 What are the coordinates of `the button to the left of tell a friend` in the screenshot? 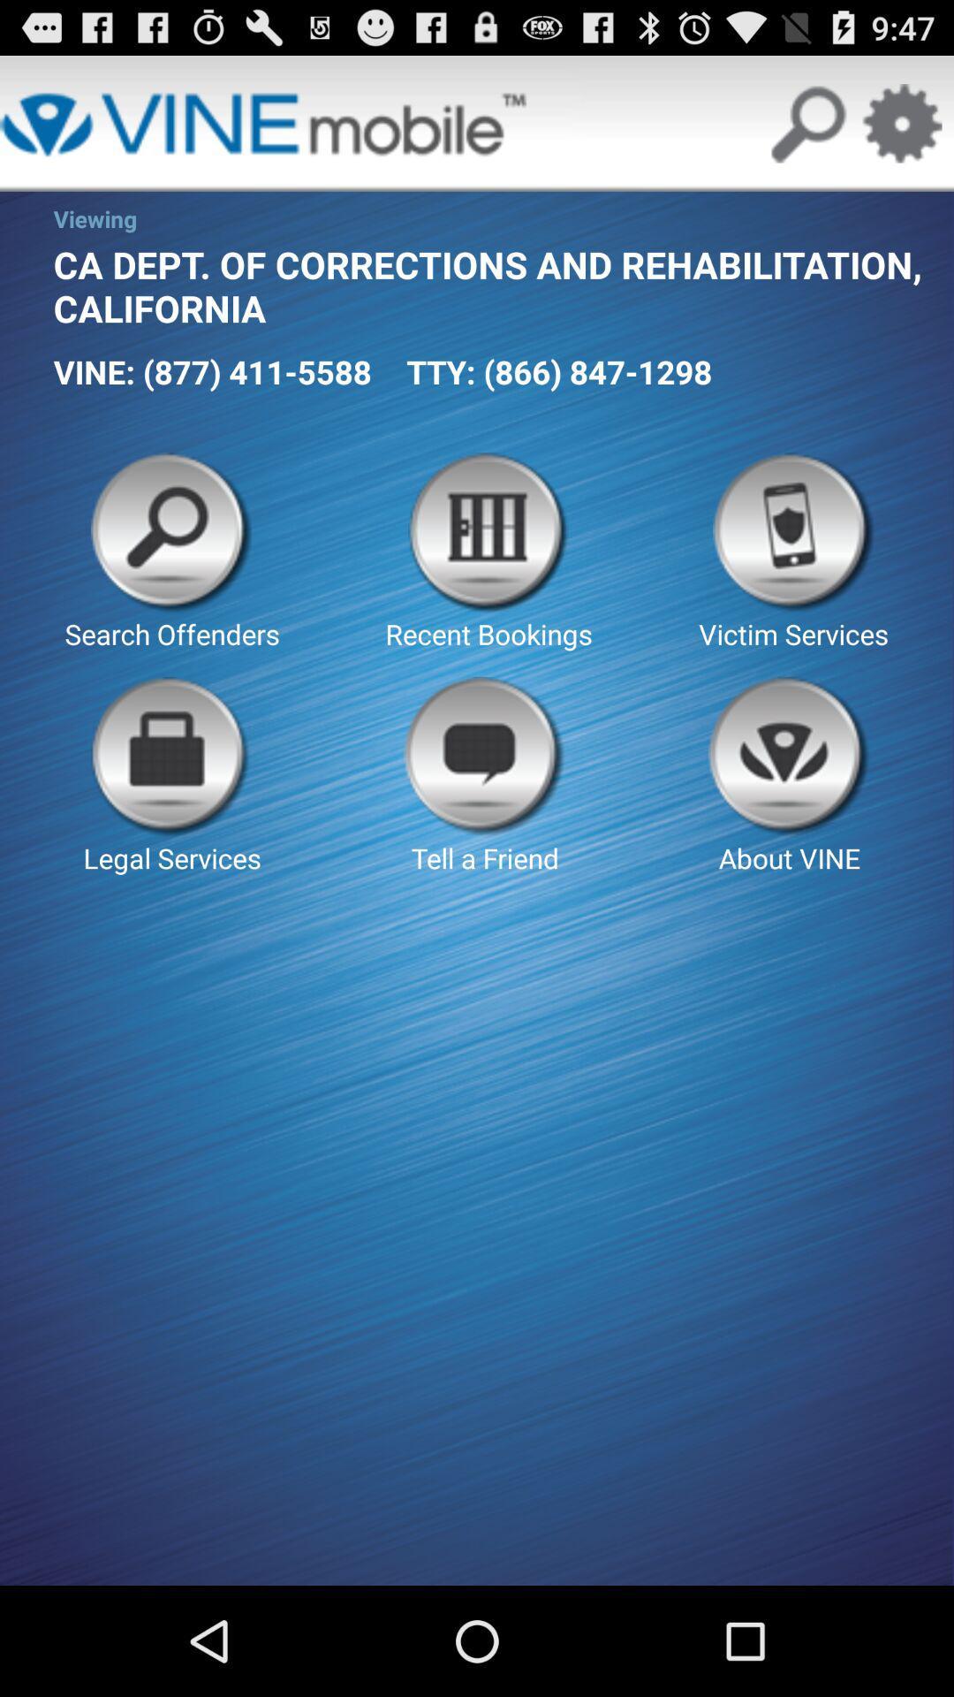 It's located at (172, 776).